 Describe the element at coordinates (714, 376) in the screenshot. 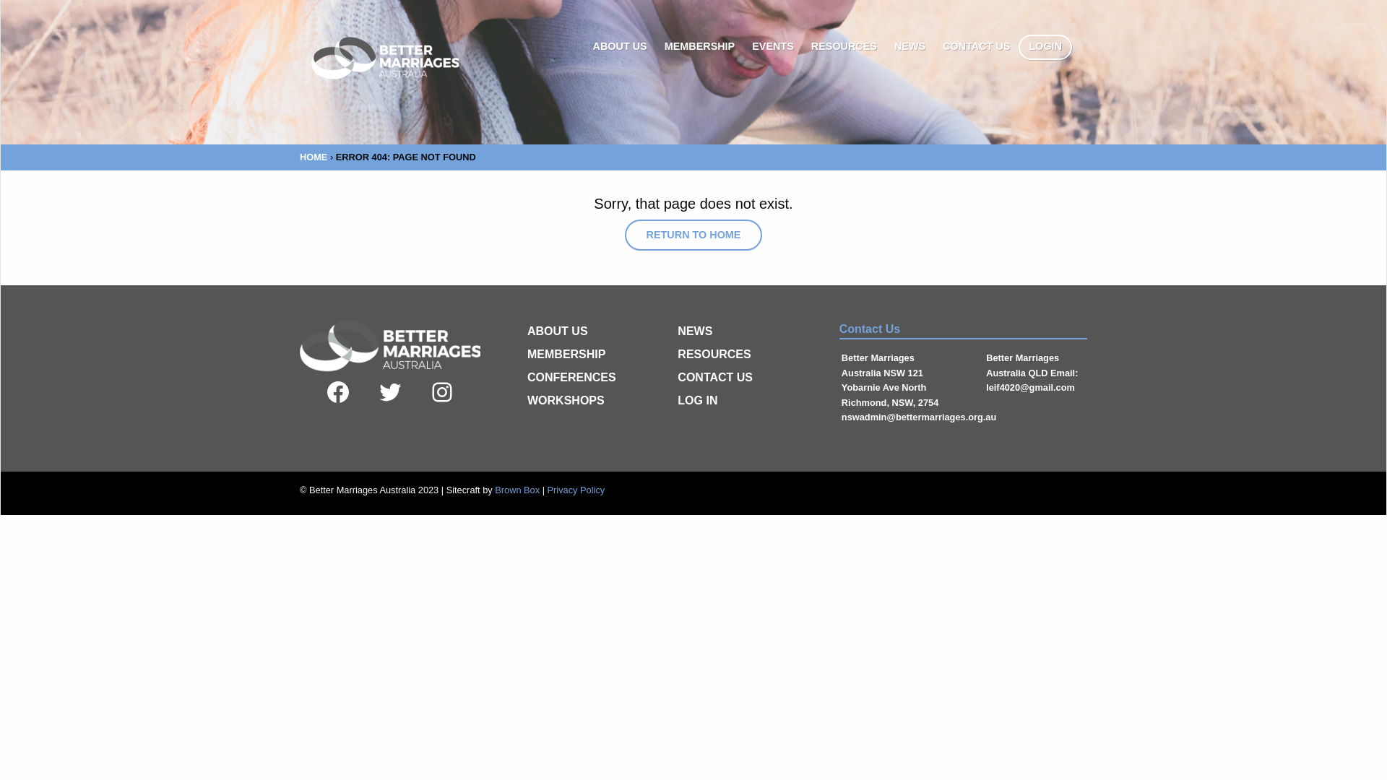

I see `'CONTACT US'` at that location.